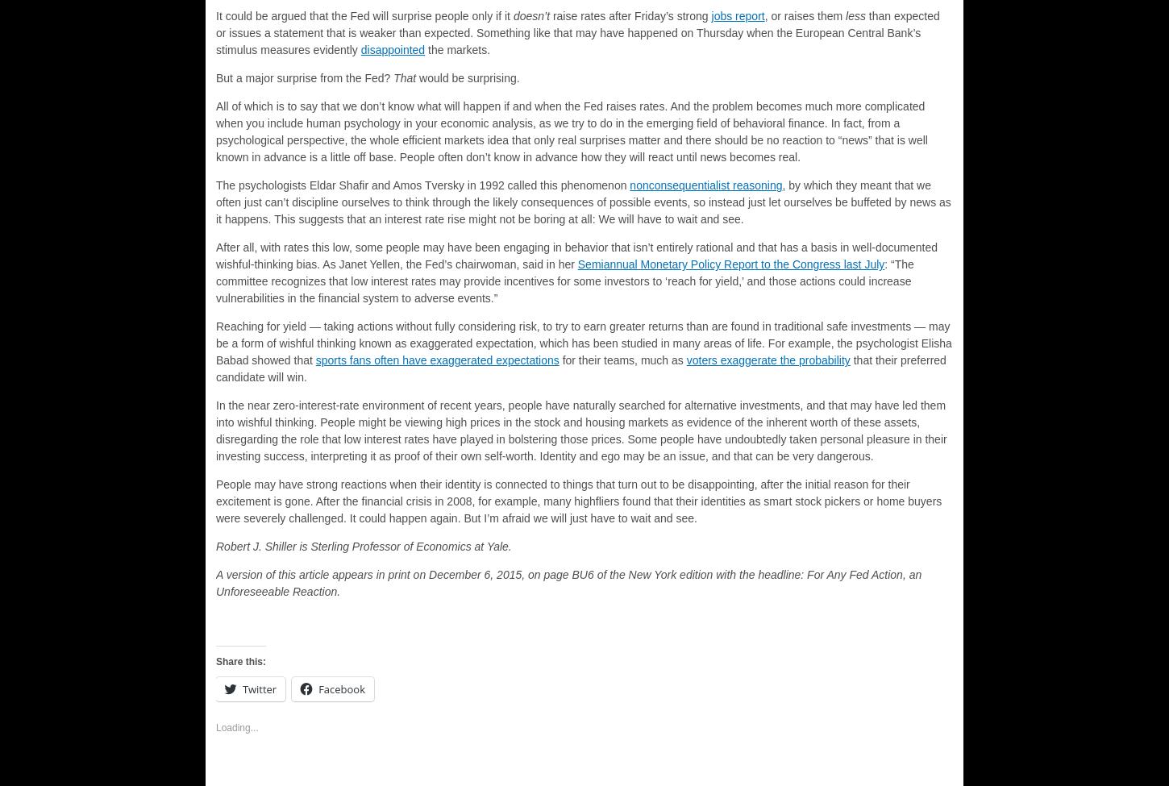 The width and height of the screenshot is (1169, 786). What do you see at coordinates (362, 547) in the screenshot?
I see `'Robert J. Shiller is Sterling Professor of Economics at Yale.'` at bounding box center [362, 547].